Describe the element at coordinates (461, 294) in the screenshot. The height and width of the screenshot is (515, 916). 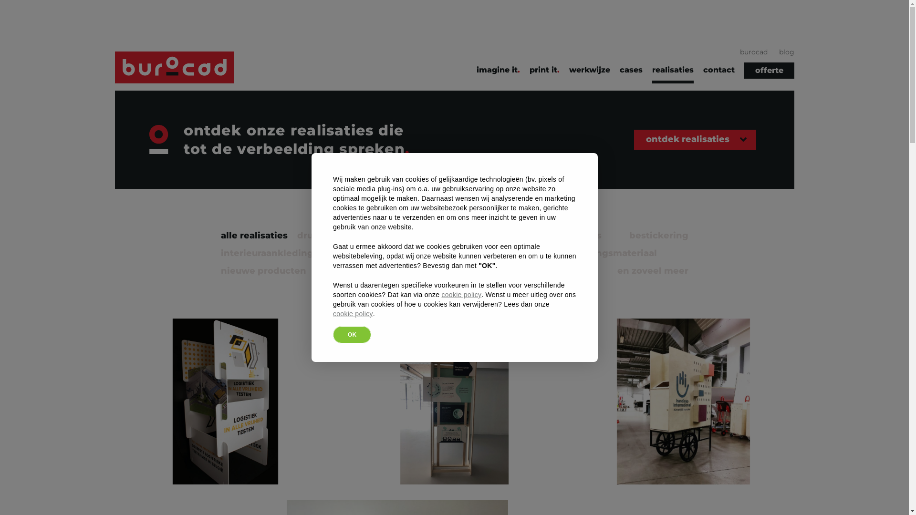
I see `'cookie policy'` at that location.